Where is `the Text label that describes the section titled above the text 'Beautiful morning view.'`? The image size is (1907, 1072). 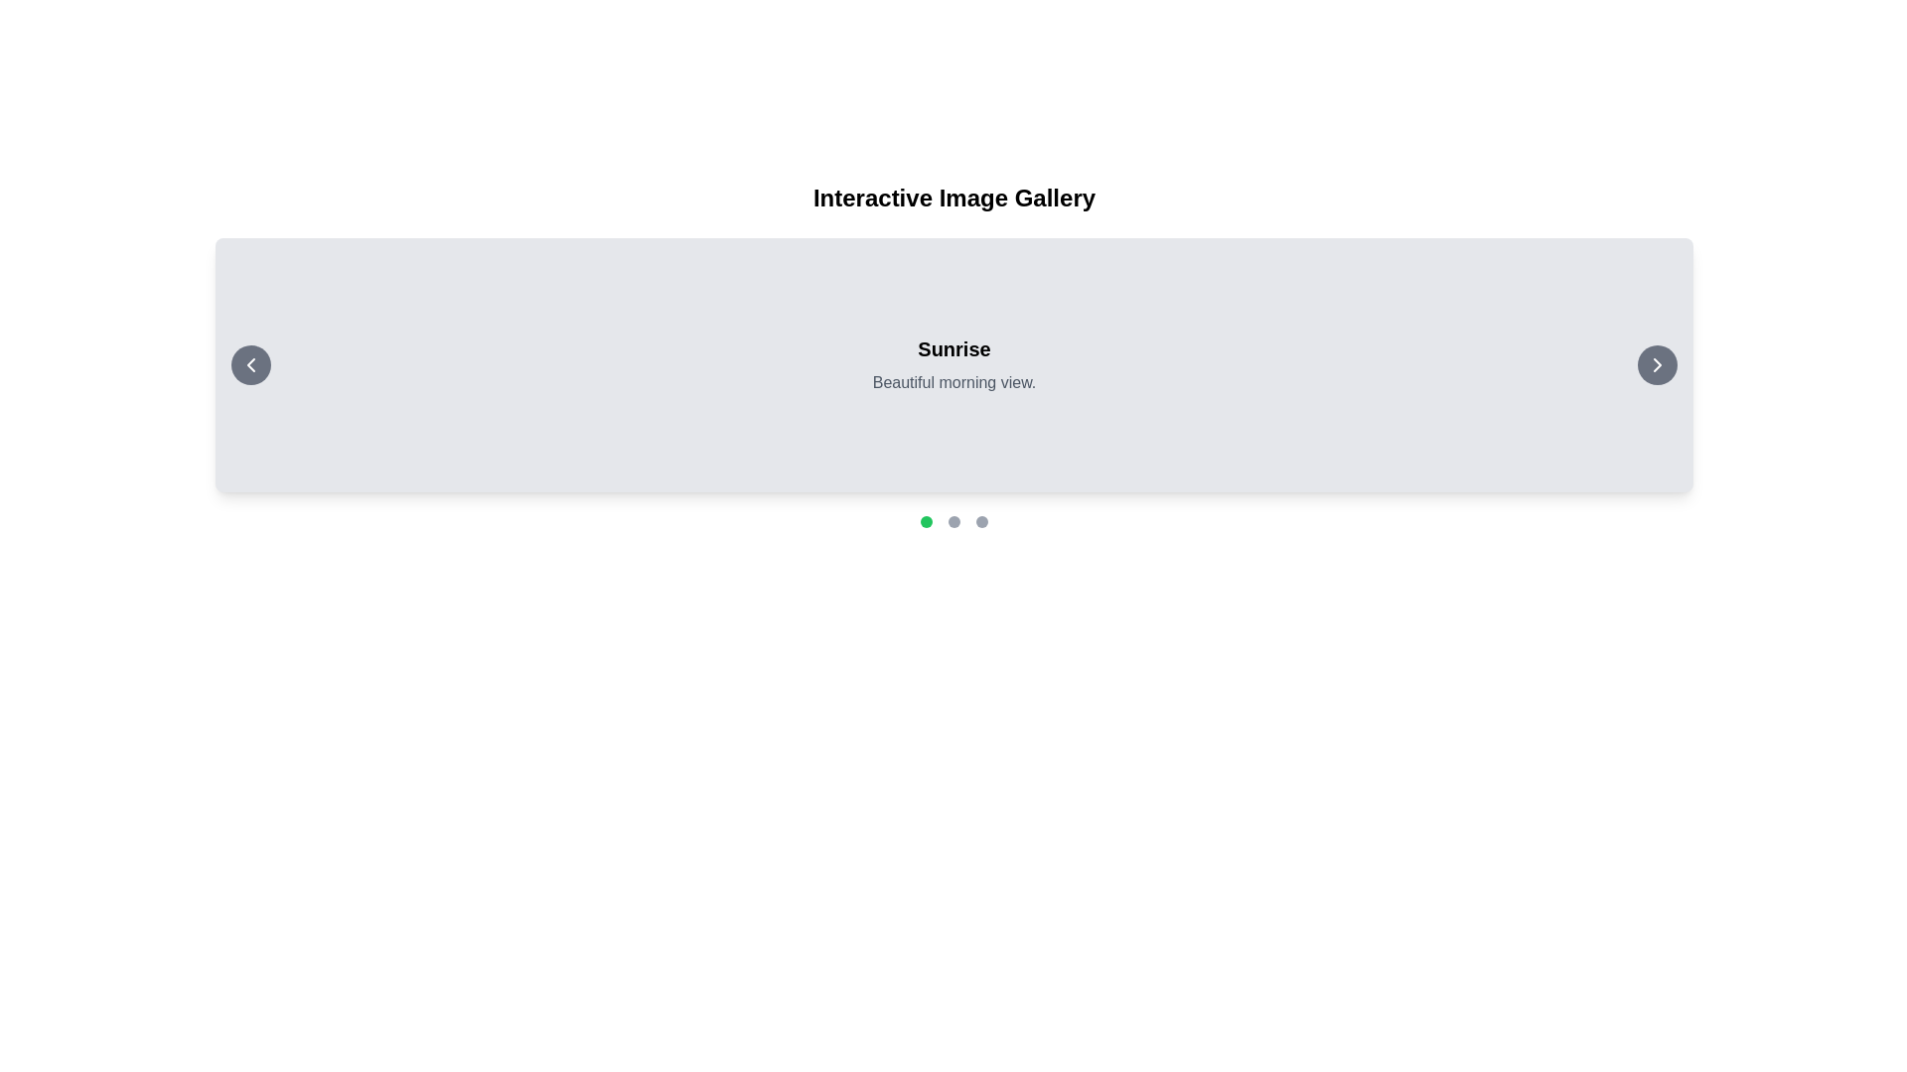
the Text label that describes the section titled above the text 'Beautiful morning view.' is located at coordinates (953, 347).